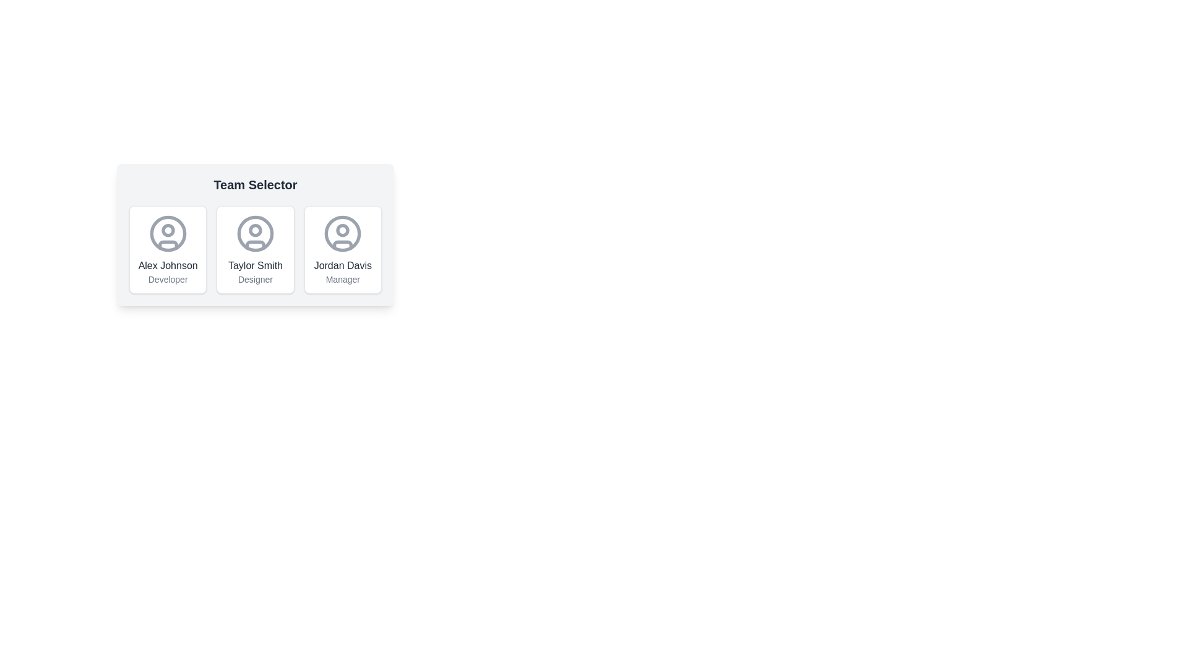 This screenshot has height=668, width=1188. I want to click on the Decorative Circle that serves as the outer ring of the profile icon for Alex Johnson, Developer, located in the Team Selector area, so click(167, 234).